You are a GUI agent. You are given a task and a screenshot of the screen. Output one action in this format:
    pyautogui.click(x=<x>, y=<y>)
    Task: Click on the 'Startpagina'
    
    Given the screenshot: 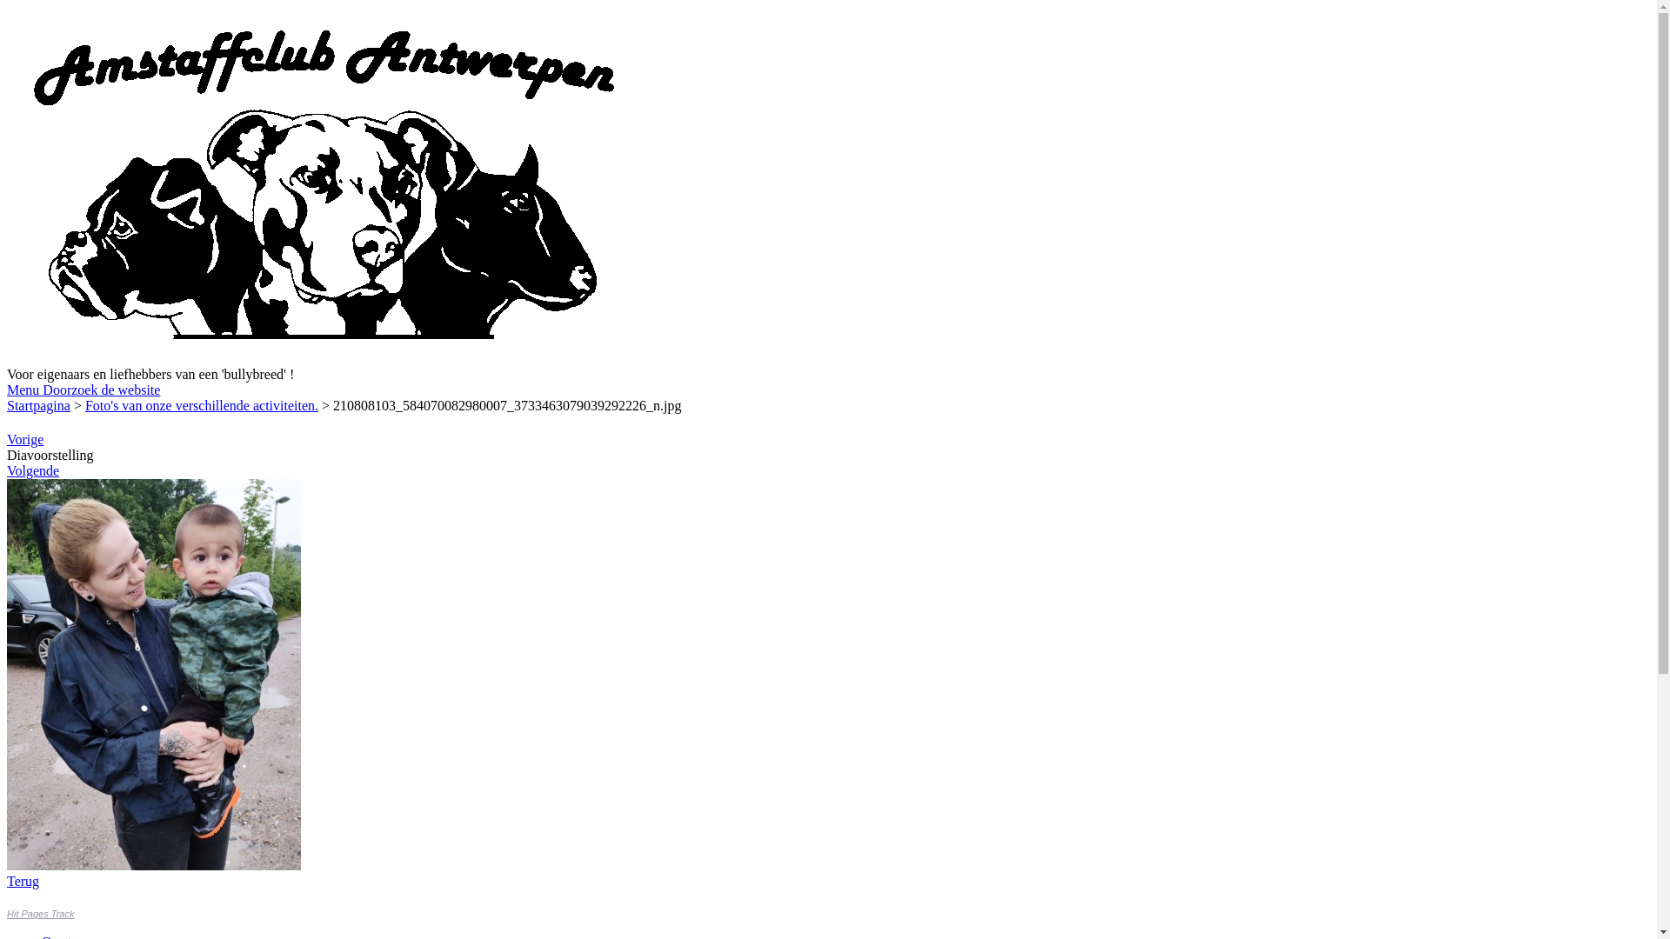 What is the action you would take?
    pyautogui.click(x=38, y=405)
    